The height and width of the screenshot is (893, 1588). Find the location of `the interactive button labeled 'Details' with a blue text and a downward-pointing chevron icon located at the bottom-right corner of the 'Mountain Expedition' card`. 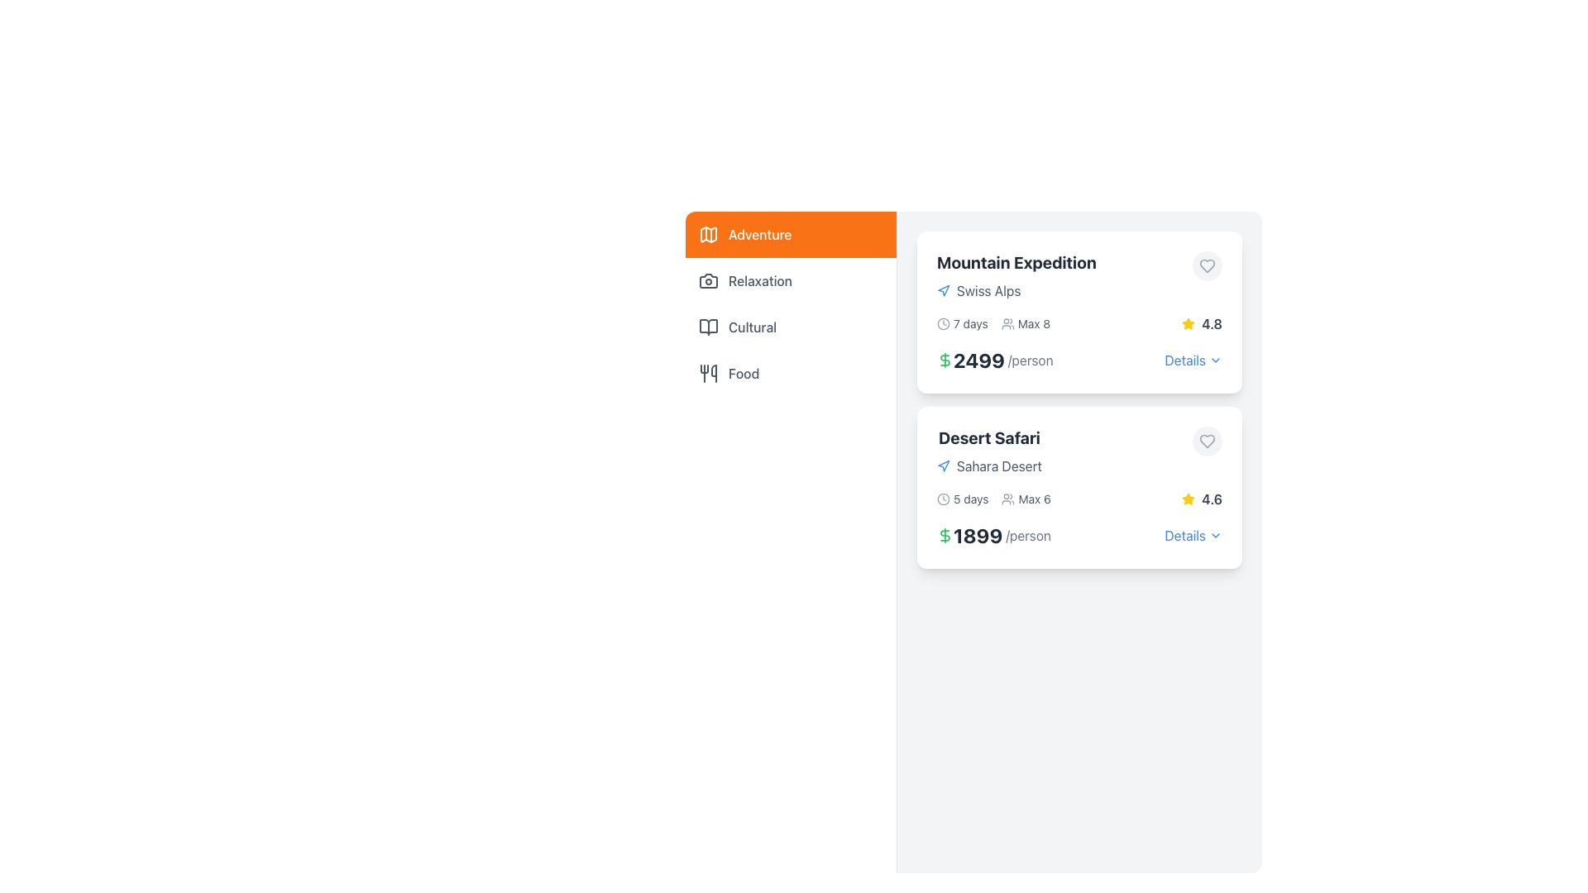

the interactive button labeled 'Details' with a blue text and a downward-pointing chevron icon located at the bottom-right corner of the 'Mountain Expedition' card is located at coordinates (1193, 359).